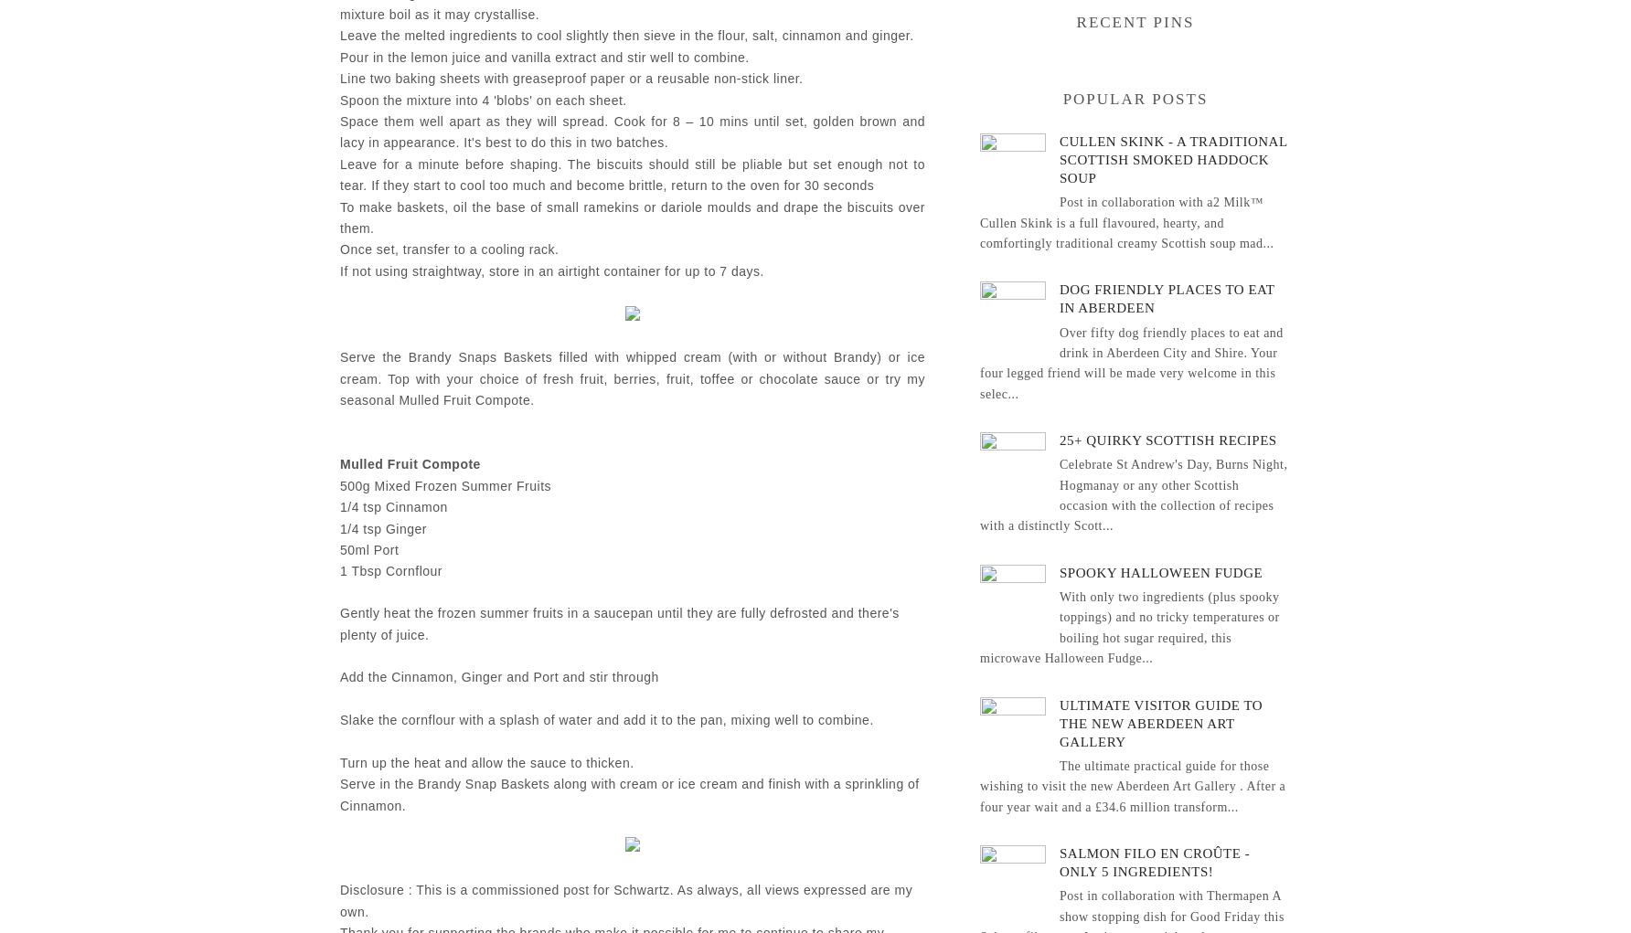  What do you see at coordinates (1131, 785) in the screenshot?
I see `'The ultimate practical guide for those wishing to visit the new Aberdeen Art Gallery . After a four year wait and a £34.6 million transform...'` at bounding box center [1131, 785].